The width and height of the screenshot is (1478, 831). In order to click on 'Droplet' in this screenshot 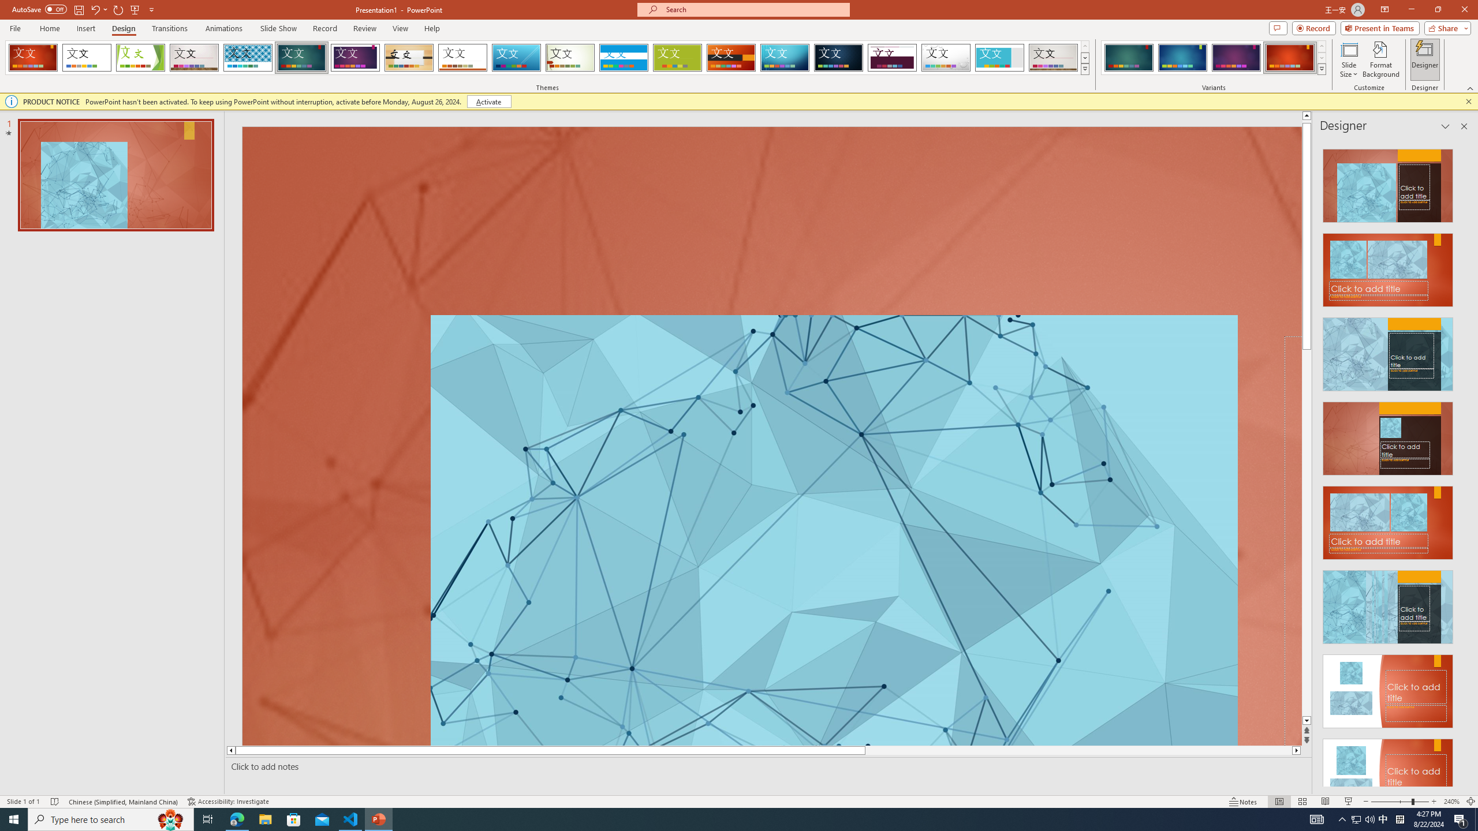, I will do `click(946, 57)`.